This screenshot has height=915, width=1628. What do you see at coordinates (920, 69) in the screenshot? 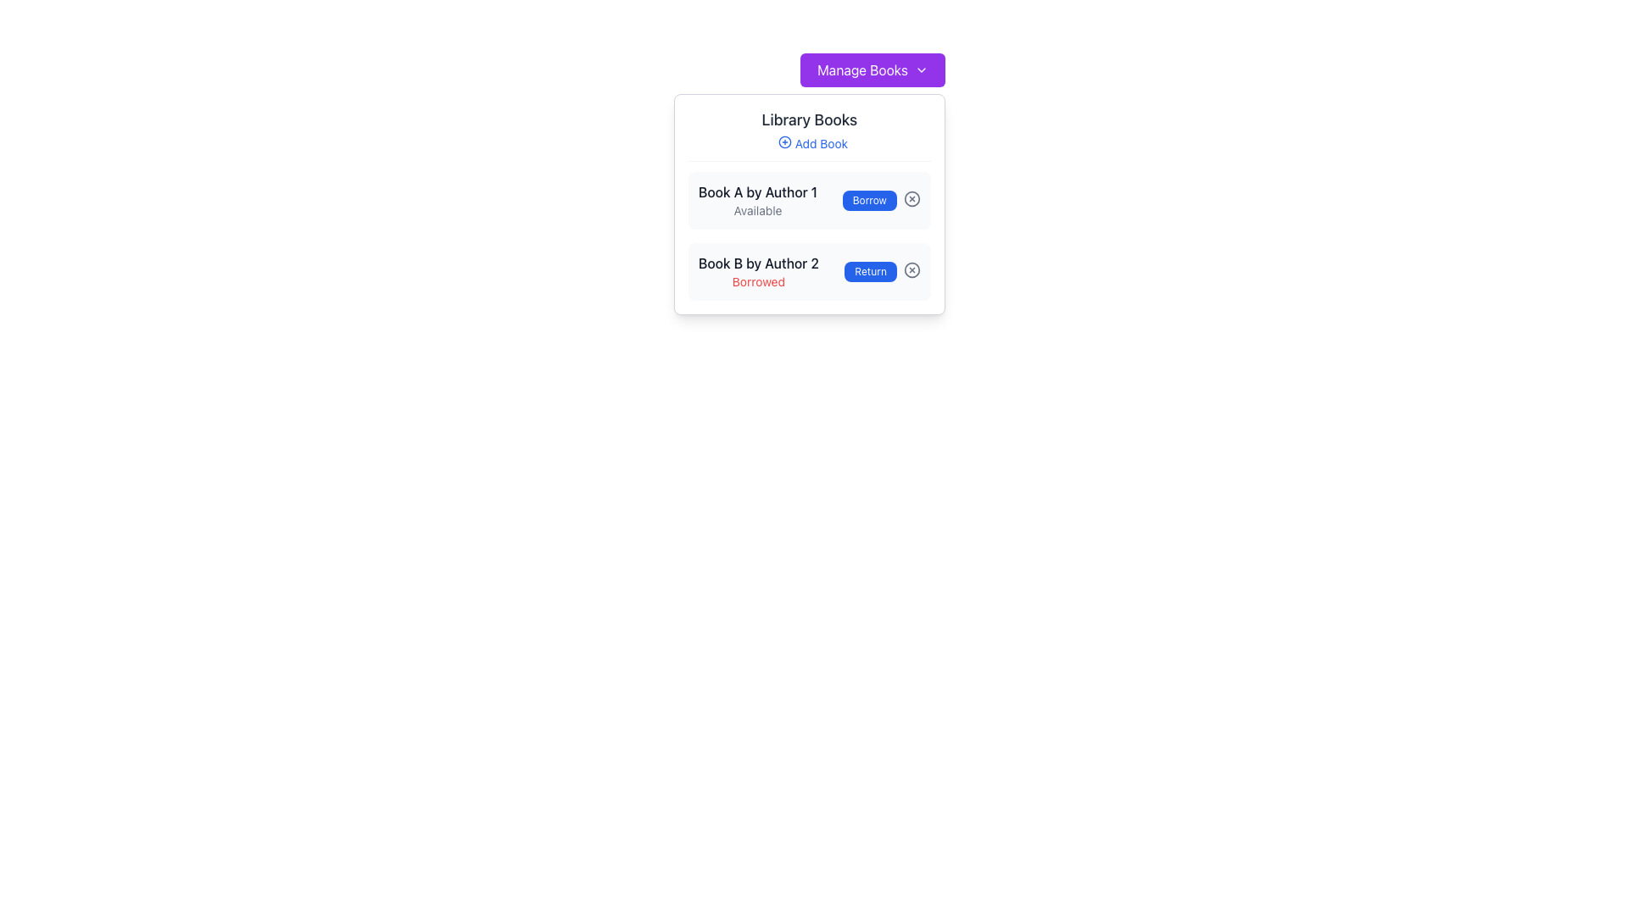
I see `the downward pointing chevron-shaped icon within the 'Manage Books' button to receive visual feedback` at bounding box center [920, 69].